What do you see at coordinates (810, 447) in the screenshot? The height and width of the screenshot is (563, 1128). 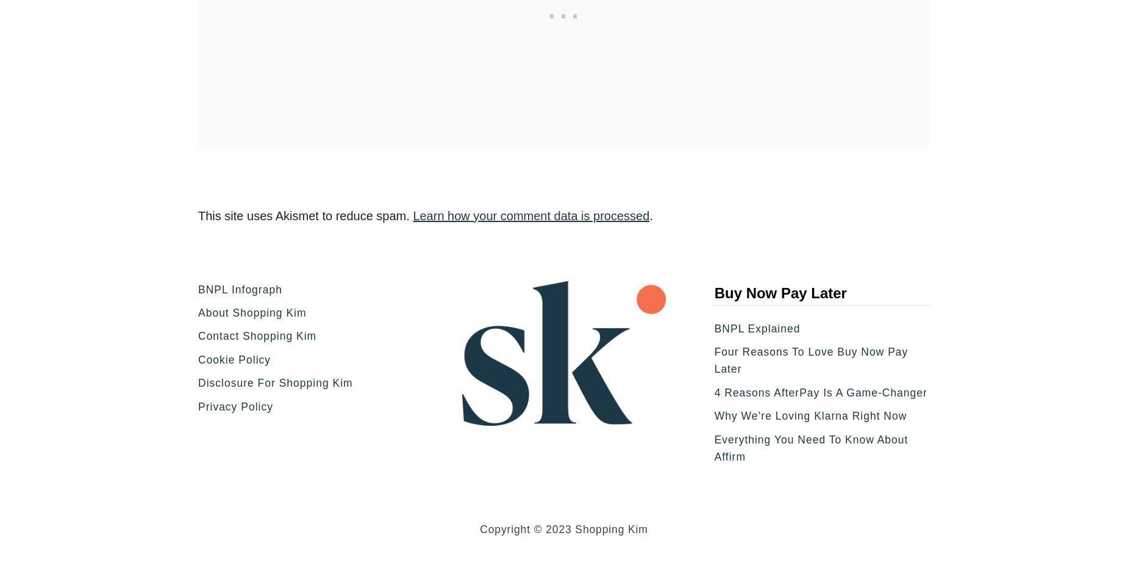 I see `'Everything You Need To Know About Affirm'` at bounding box center [810, 447].